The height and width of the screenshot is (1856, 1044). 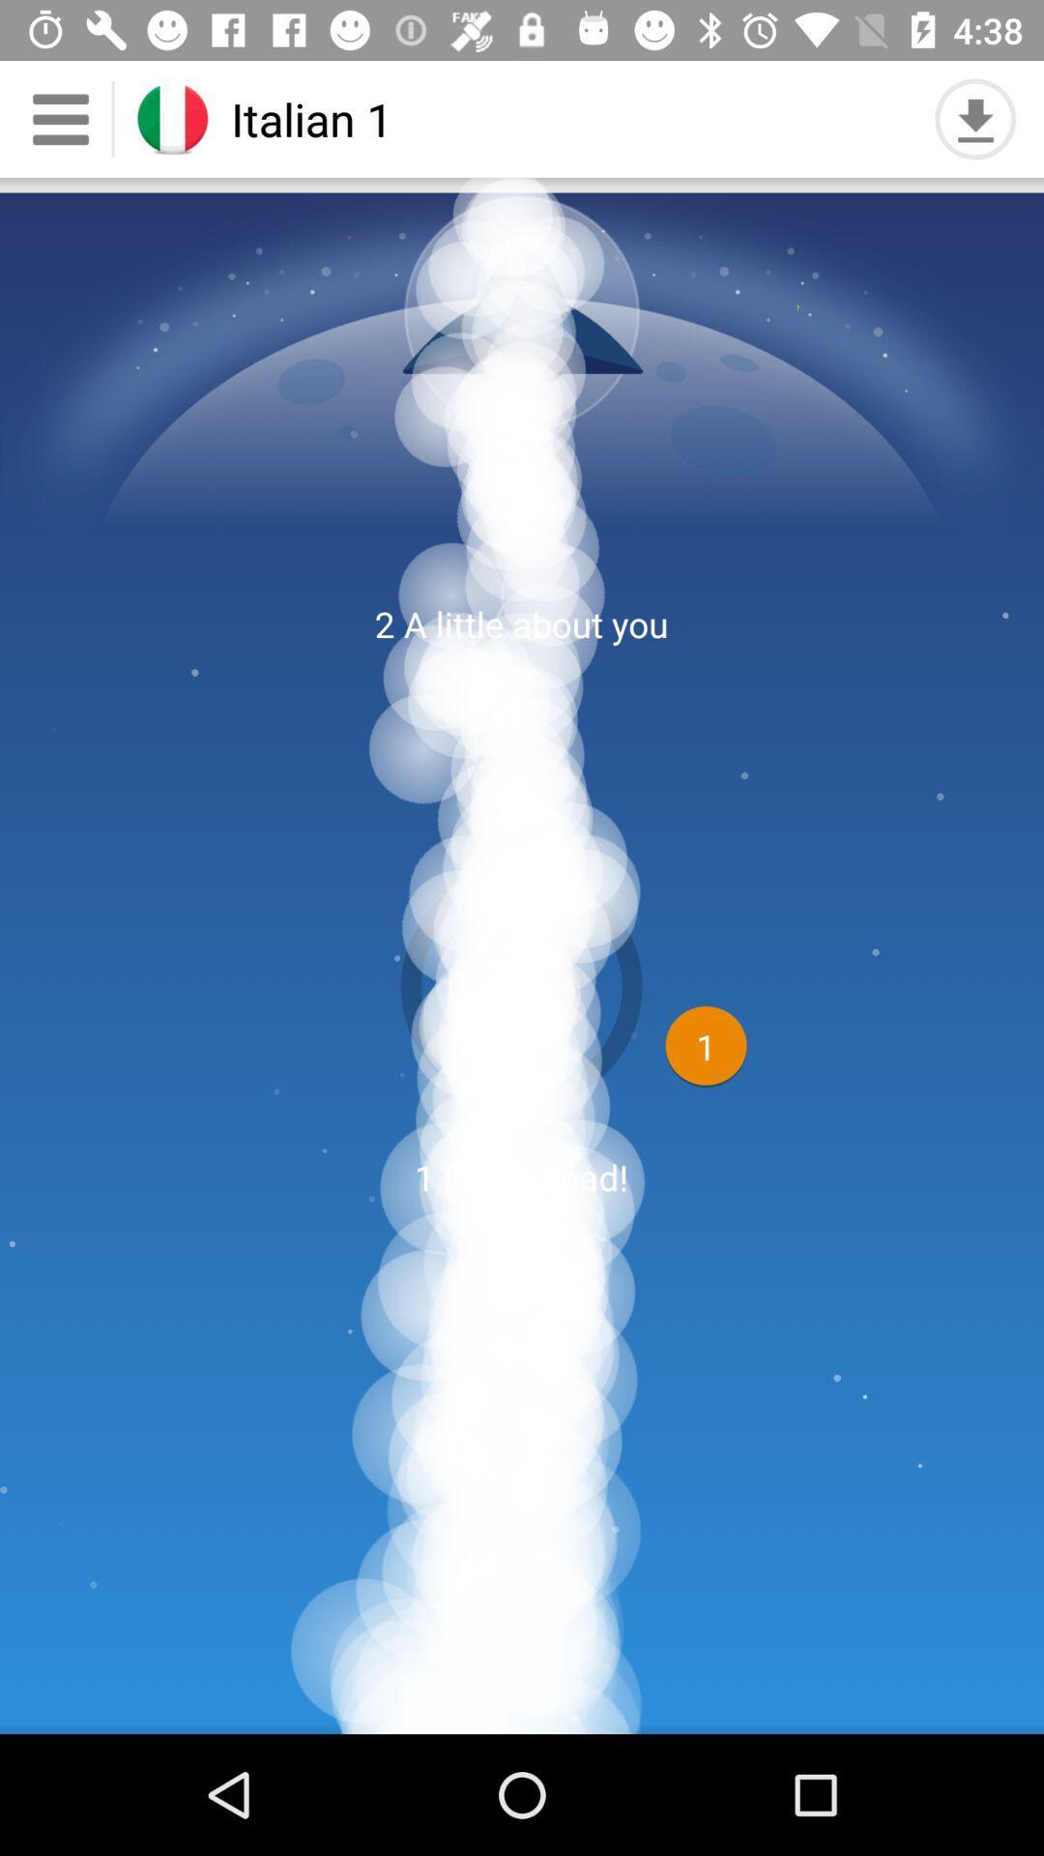 I want to click on the logo positioned left to italian 1 at the top left corner, so click(x=171, y=118).